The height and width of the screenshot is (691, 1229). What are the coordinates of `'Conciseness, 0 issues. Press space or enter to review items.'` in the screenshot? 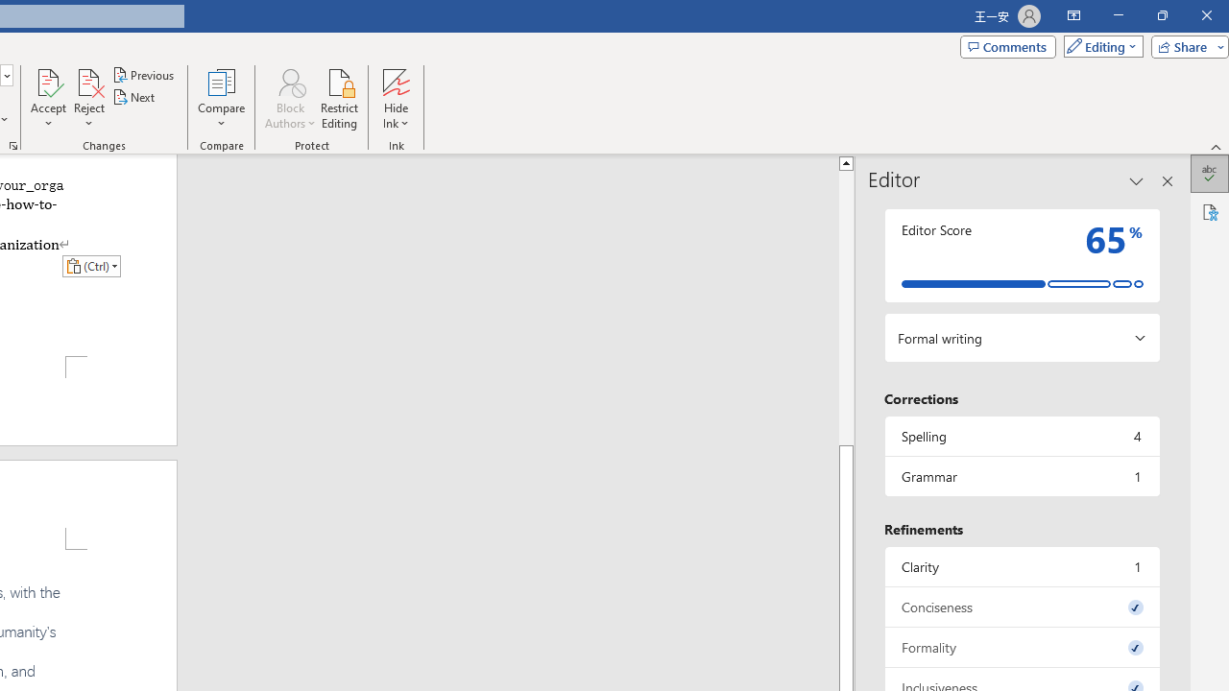 It's located at (1021, 607).